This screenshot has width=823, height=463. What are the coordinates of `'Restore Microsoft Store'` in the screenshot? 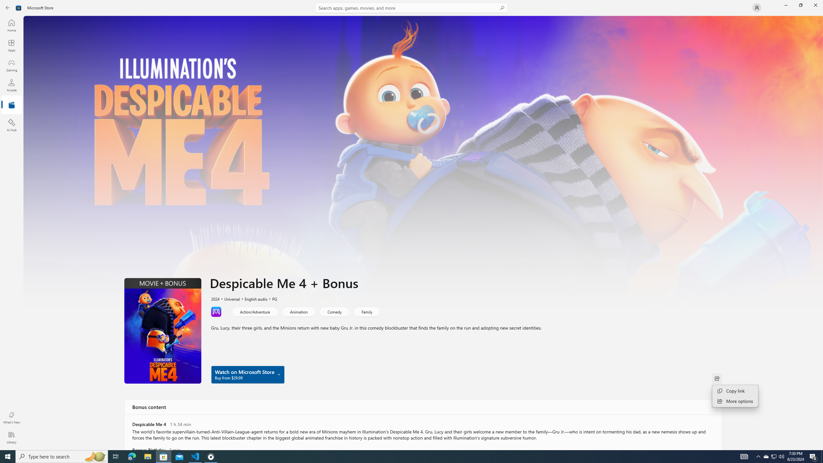 It's located at (800, 5).